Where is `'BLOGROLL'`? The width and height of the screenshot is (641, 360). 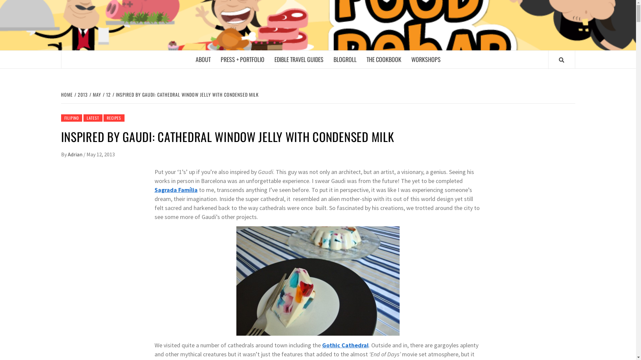 'BLOGROLL' is located at coordinates (345, 59).